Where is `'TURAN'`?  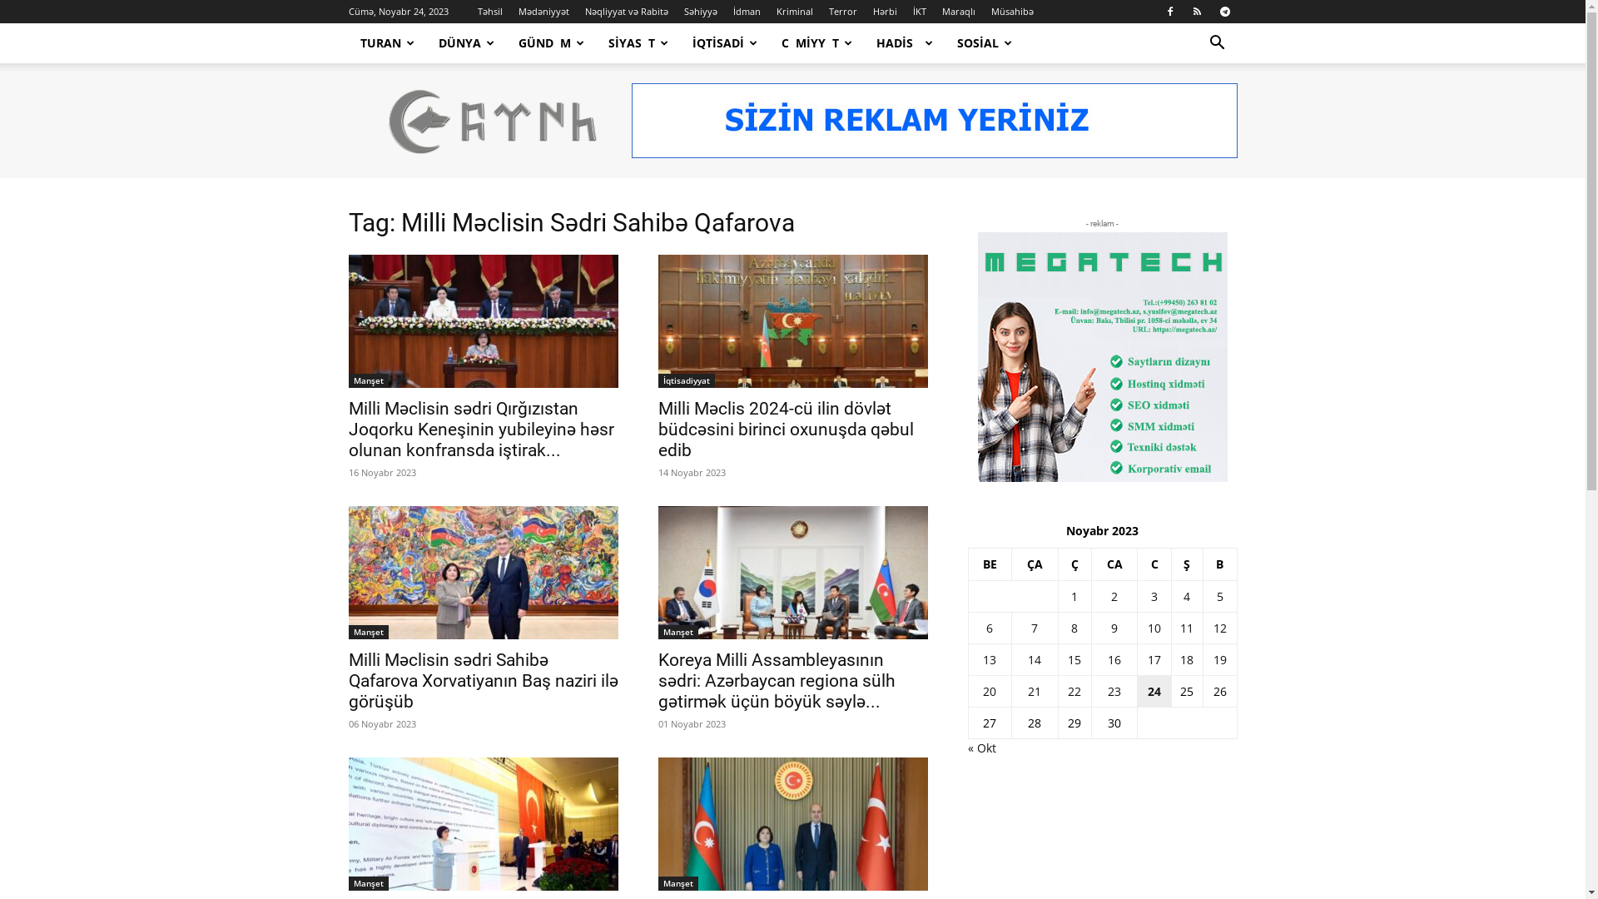
'TURAN' is located at coordinates (386, 42).